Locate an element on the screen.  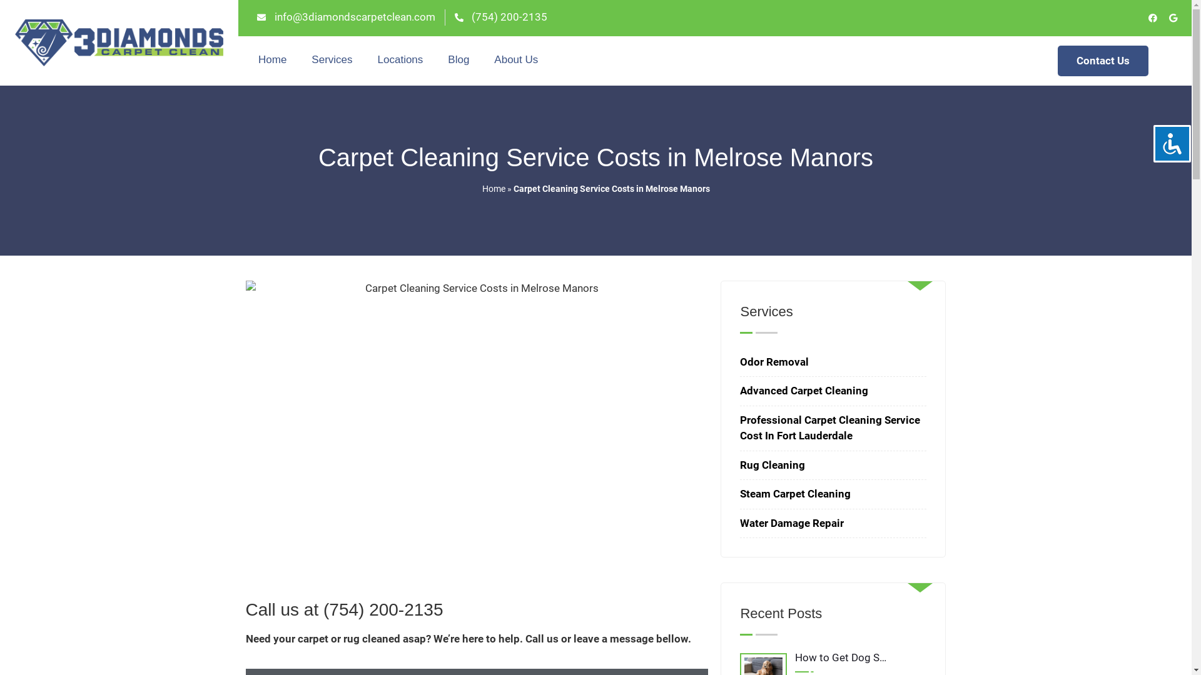
'Steam Carpet Cleaning' is located at coordinates (794, 493).